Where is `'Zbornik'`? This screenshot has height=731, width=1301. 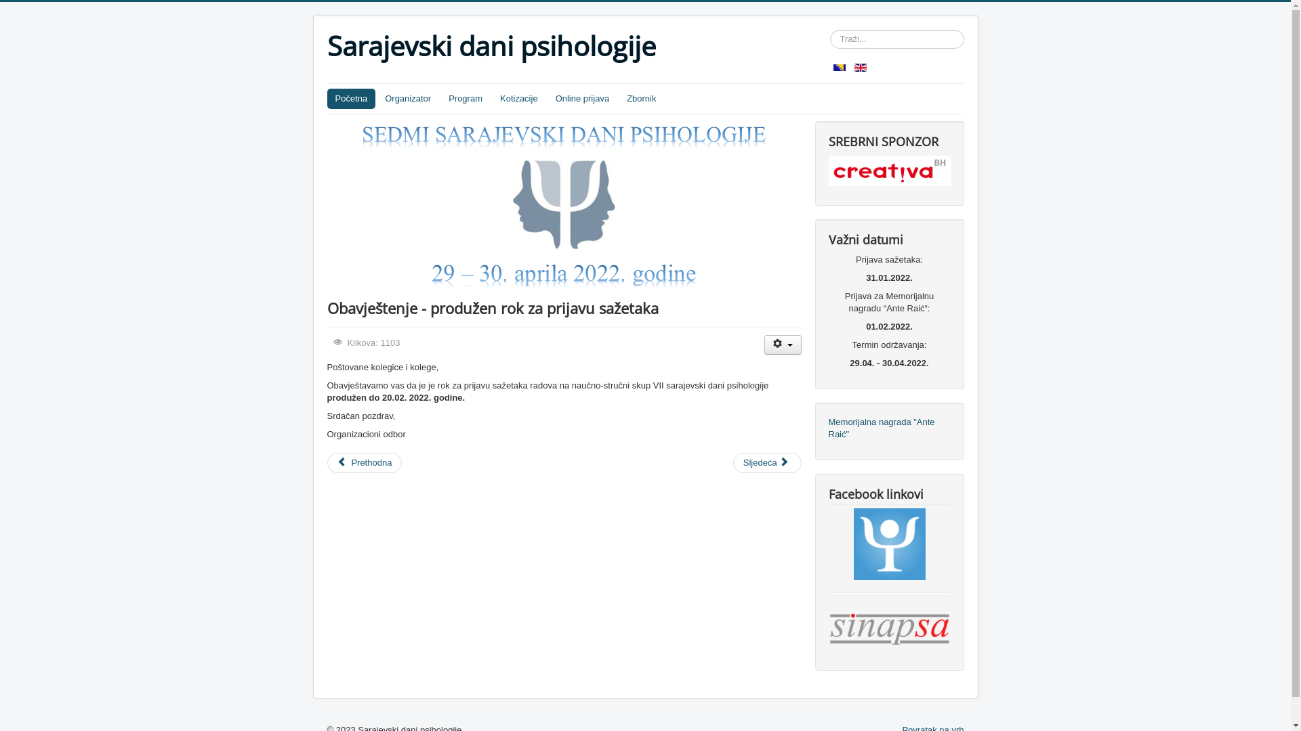
'Zbornik' is located at coordinates (640, 98).